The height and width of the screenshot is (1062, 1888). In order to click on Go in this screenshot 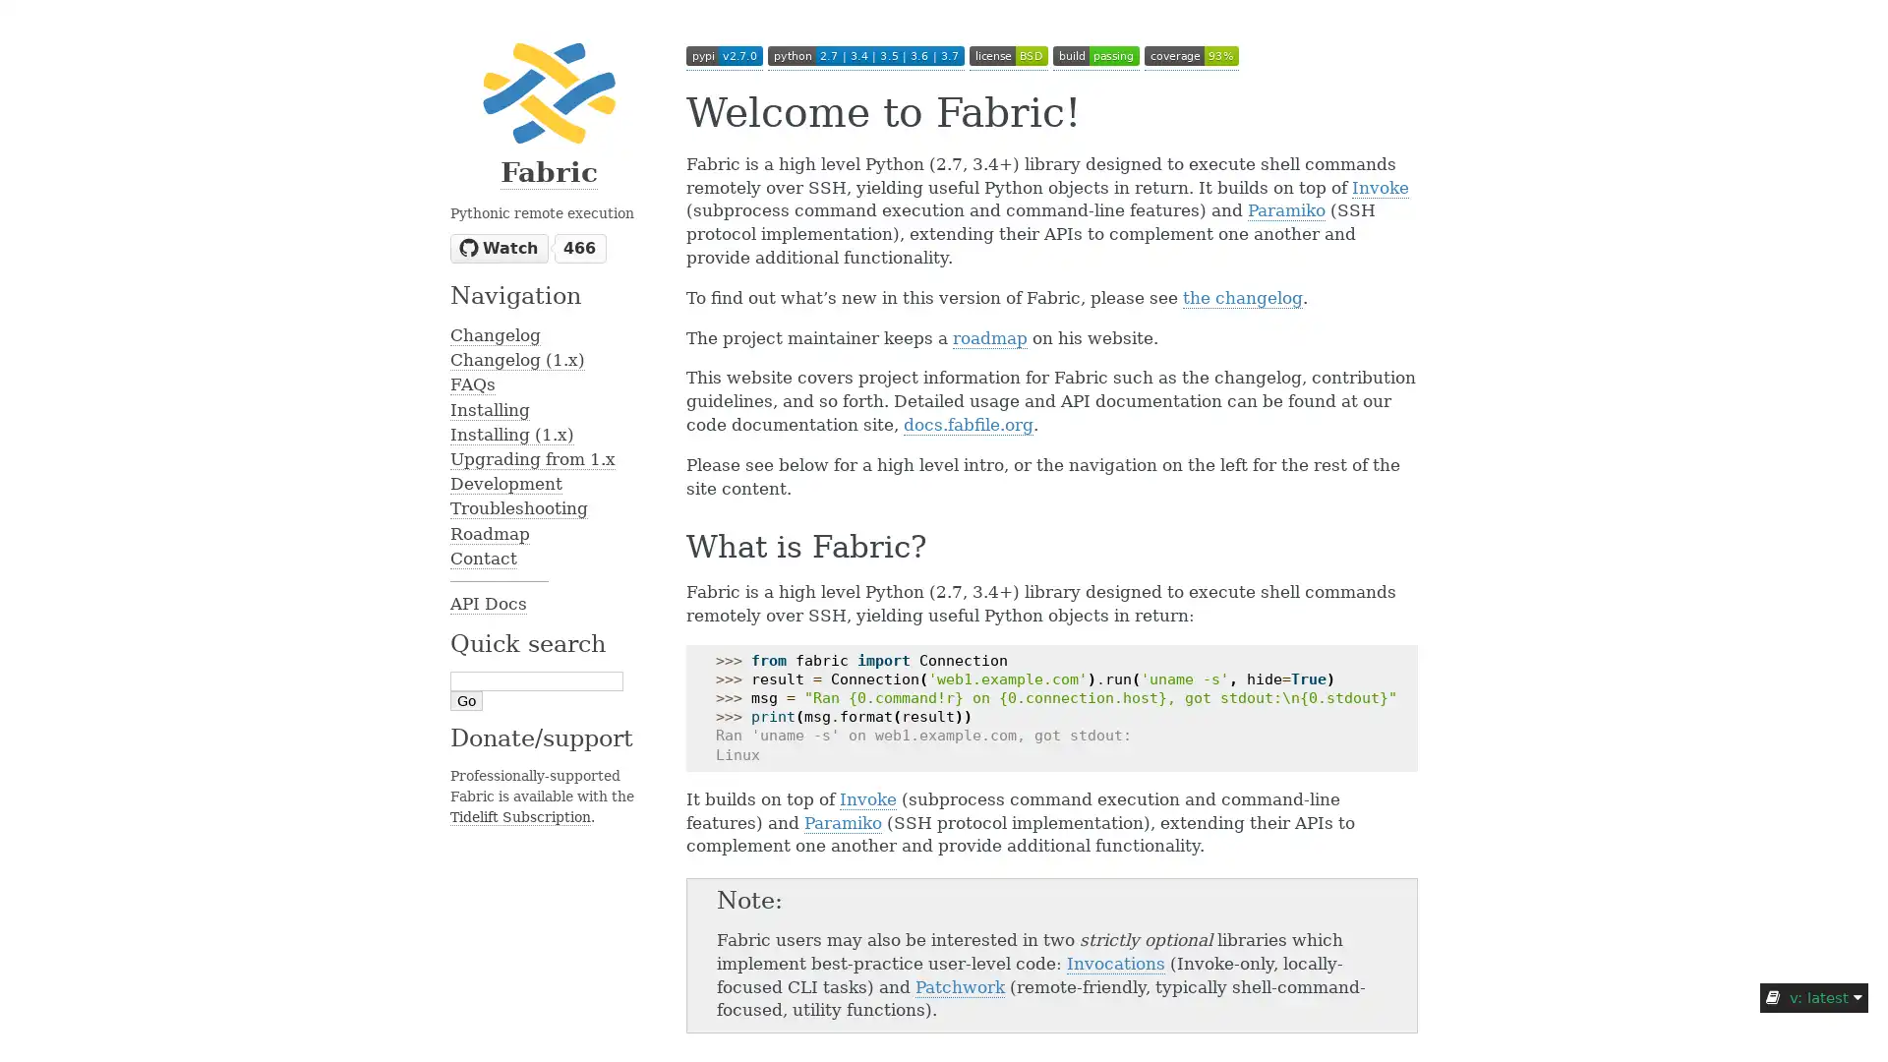, I will do `click(465, 700)`.